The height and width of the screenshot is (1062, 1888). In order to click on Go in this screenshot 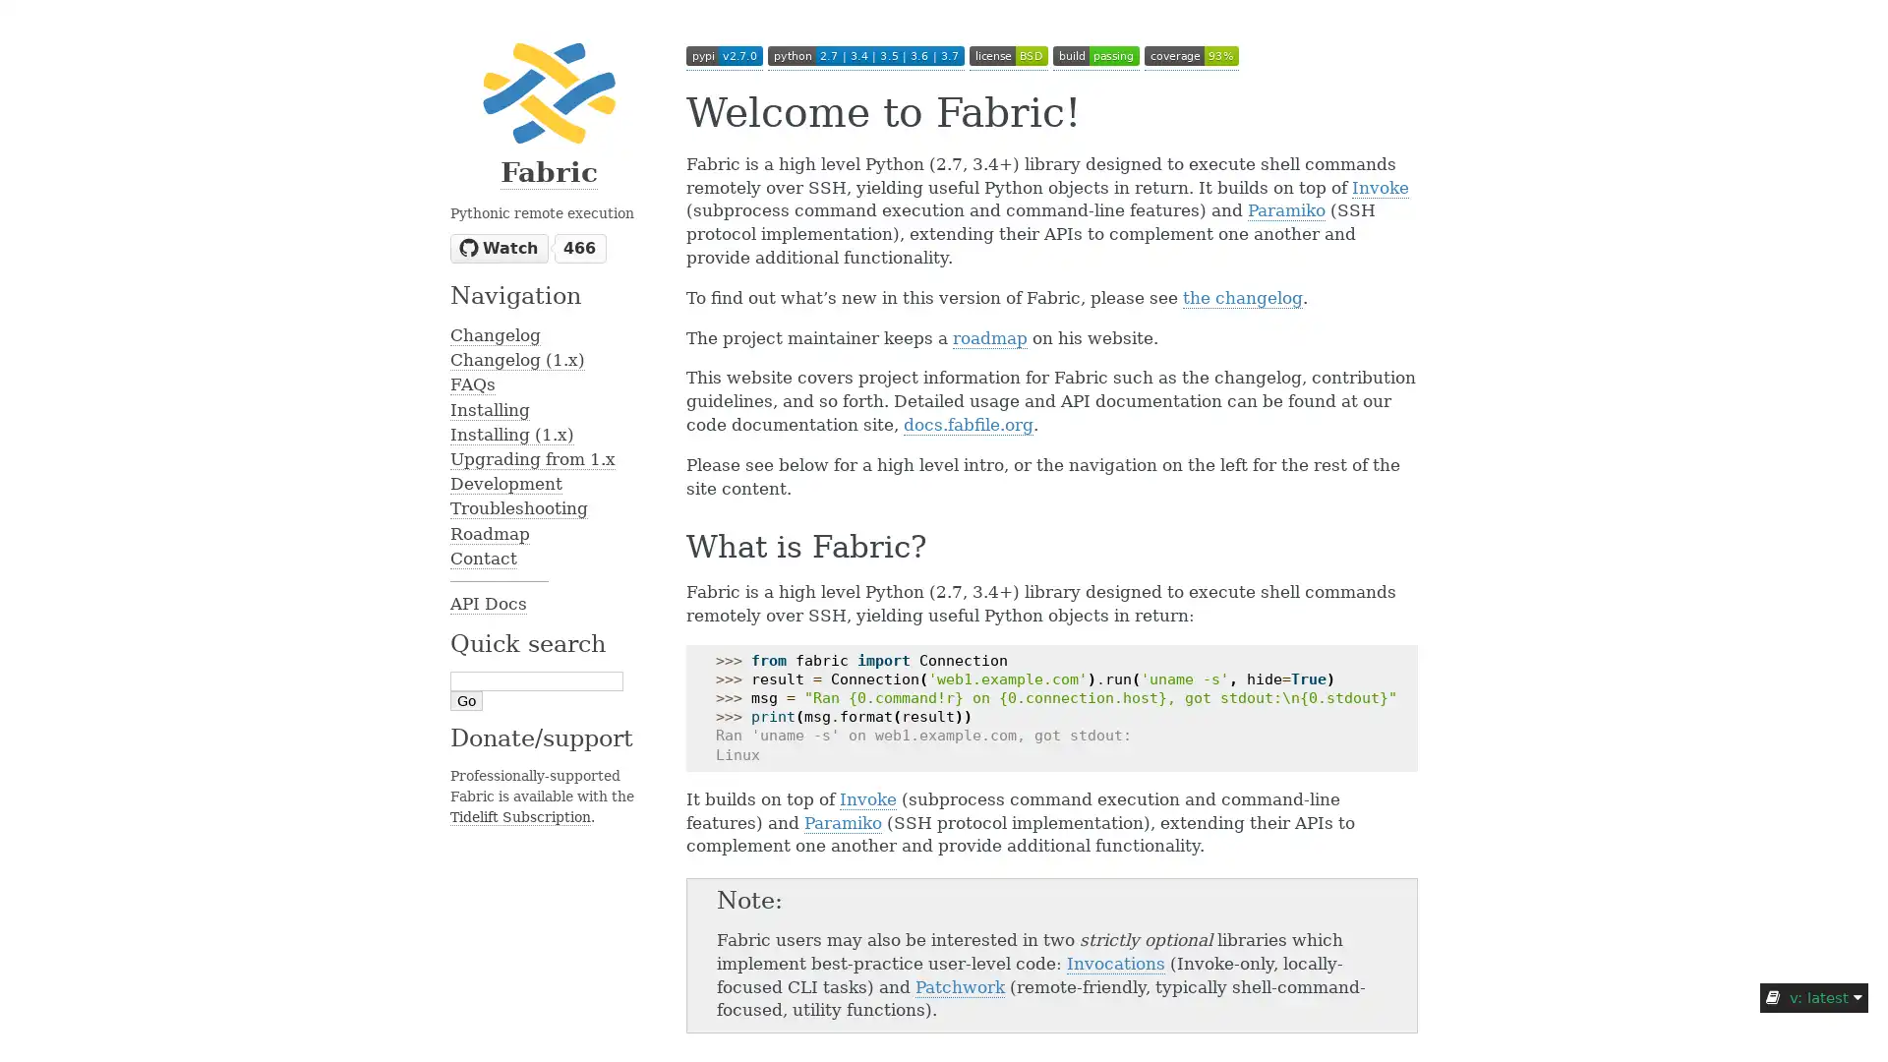, I will do `click(465, 700)`.